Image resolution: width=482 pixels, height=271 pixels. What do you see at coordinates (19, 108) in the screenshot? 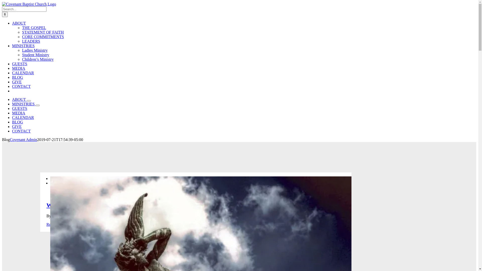
I see `'GUESTS'` at bounding box center [19, 108].